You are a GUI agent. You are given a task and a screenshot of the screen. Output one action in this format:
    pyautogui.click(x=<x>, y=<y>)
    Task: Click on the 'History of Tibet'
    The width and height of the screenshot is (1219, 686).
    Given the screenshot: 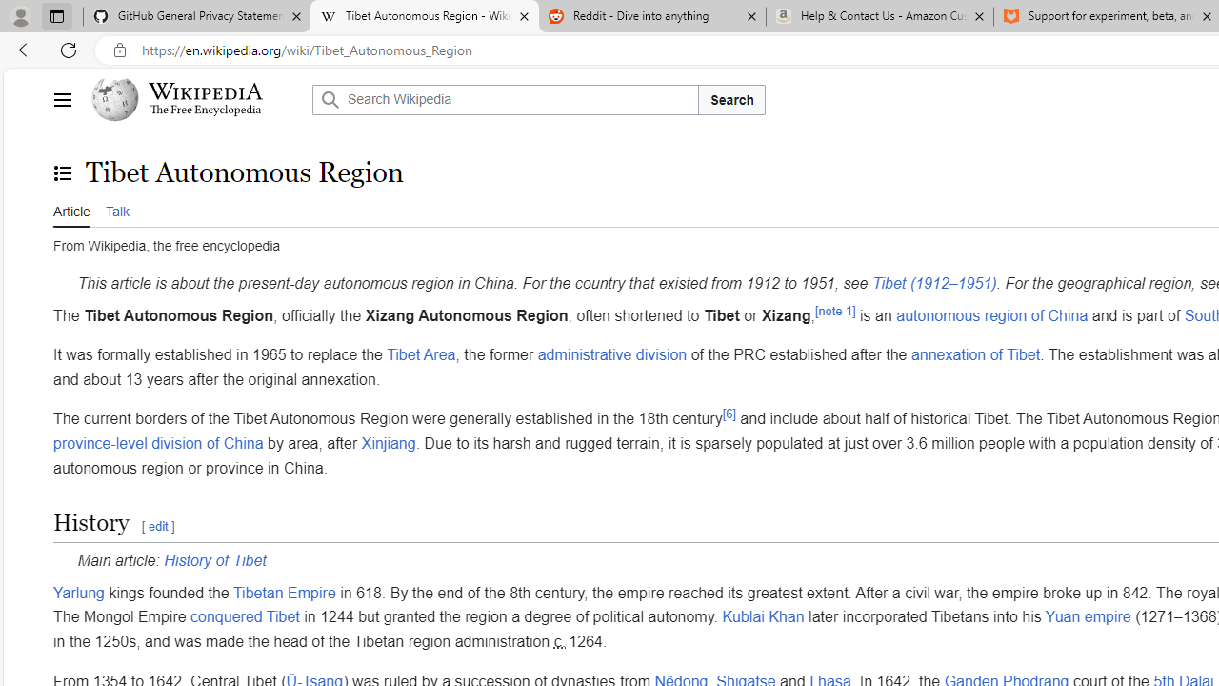 What is the action you would take?
    pyautogui.click(x=214, y=560)
    